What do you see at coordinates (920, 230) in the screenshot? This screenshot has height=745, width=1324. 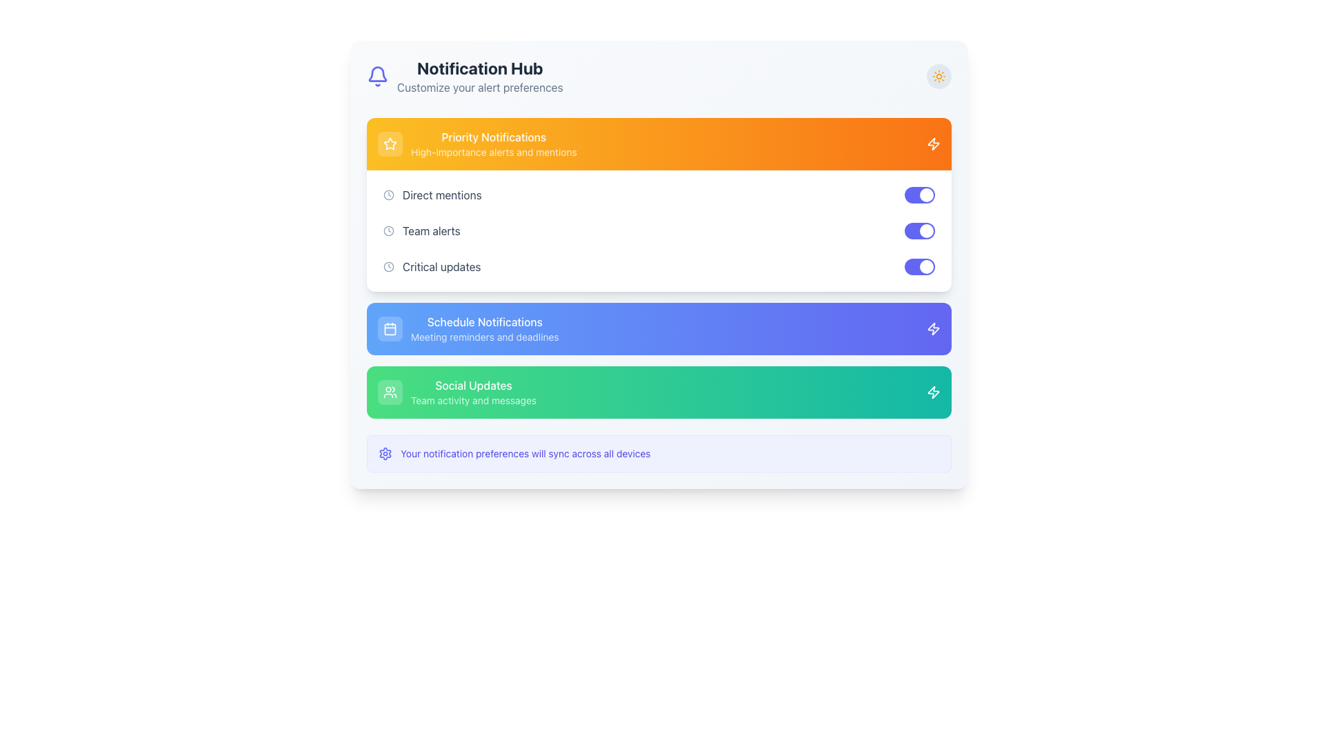 I see `the toggle switch for team alert notifications located in the rightmost section of the 'Team alerts' row` at bounding box center [920, 230].